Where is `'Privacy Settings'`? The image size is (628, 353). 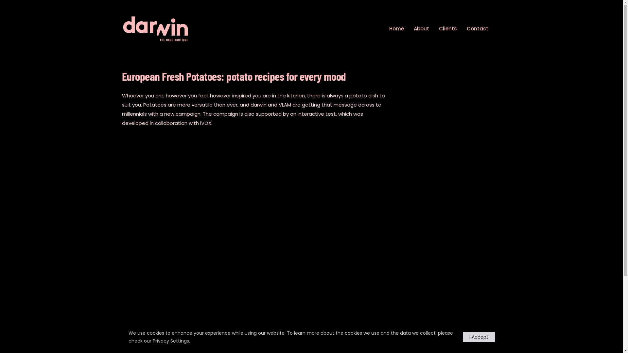
'Privacy Settings' is located at coordinates (170, 340).